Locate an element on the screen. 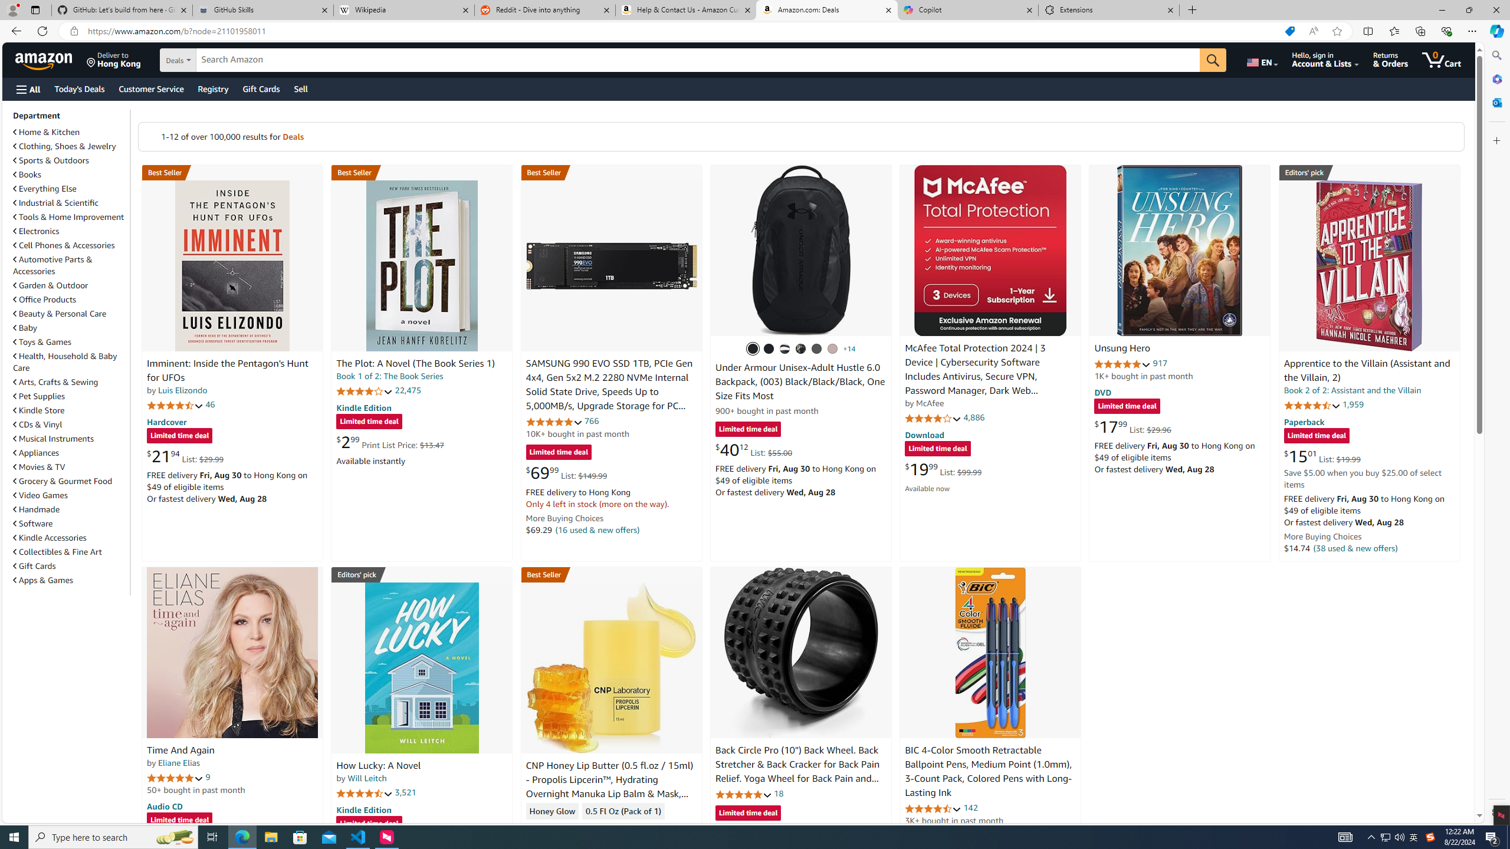 This screenshot has height=849, width=1510. 'How Lucky: A Novel' is located at coordinates (421, 667).